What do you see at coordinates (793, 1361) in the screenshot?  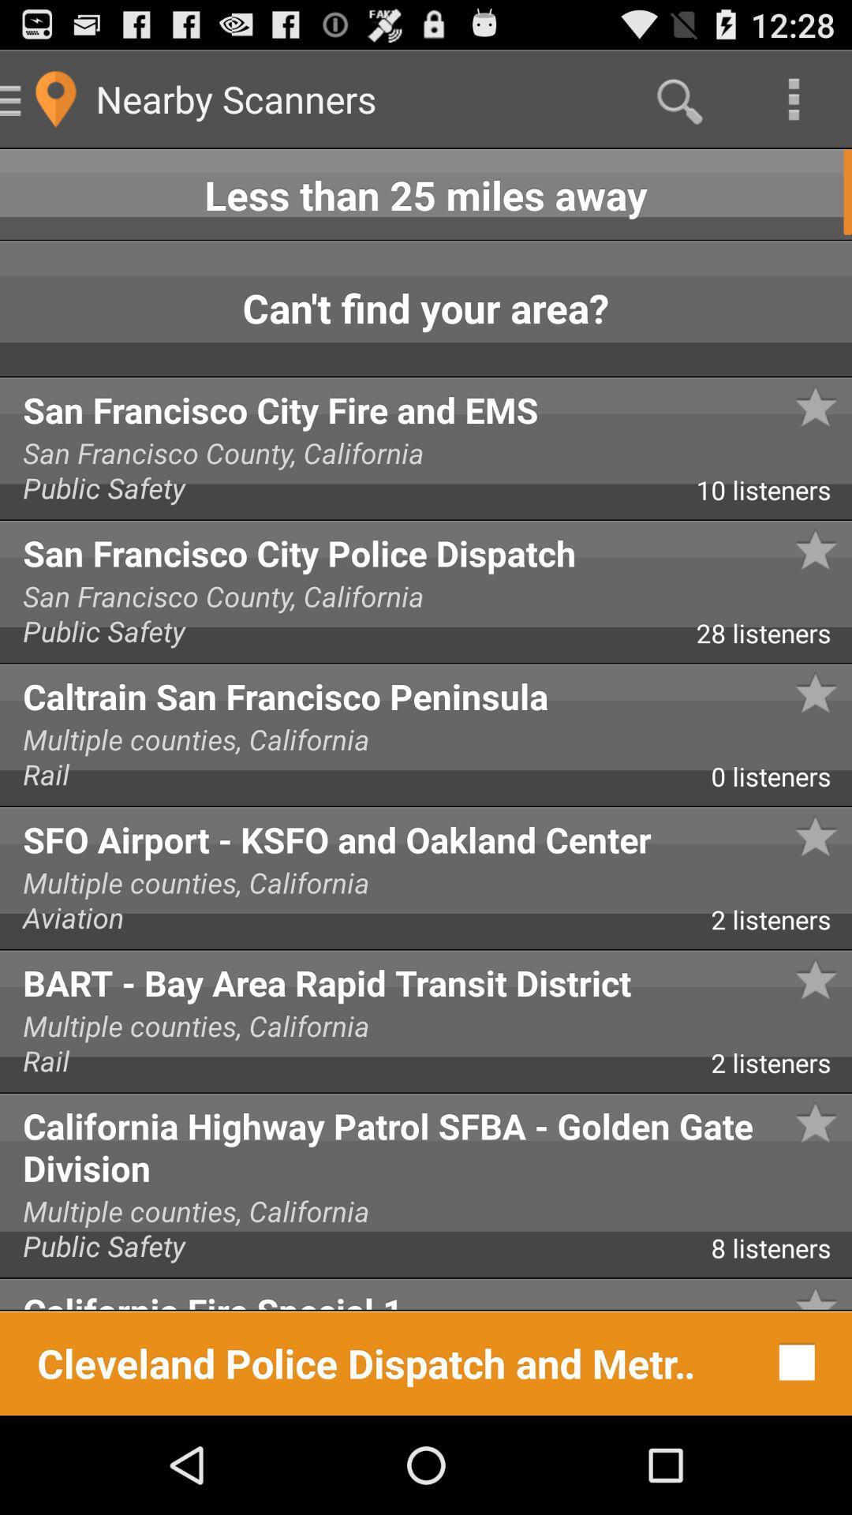 I see `item next to cleveland police dispatch` at bounding box center [793, 1361].